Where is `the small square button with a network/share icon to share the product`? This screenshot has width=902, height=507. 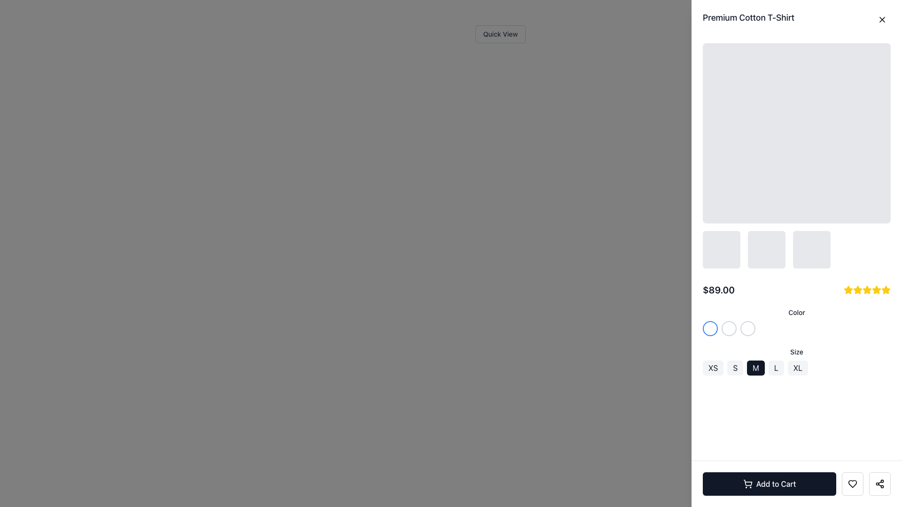
the small square button with a network/share icon to share the product is located at coordinates (879, 484).